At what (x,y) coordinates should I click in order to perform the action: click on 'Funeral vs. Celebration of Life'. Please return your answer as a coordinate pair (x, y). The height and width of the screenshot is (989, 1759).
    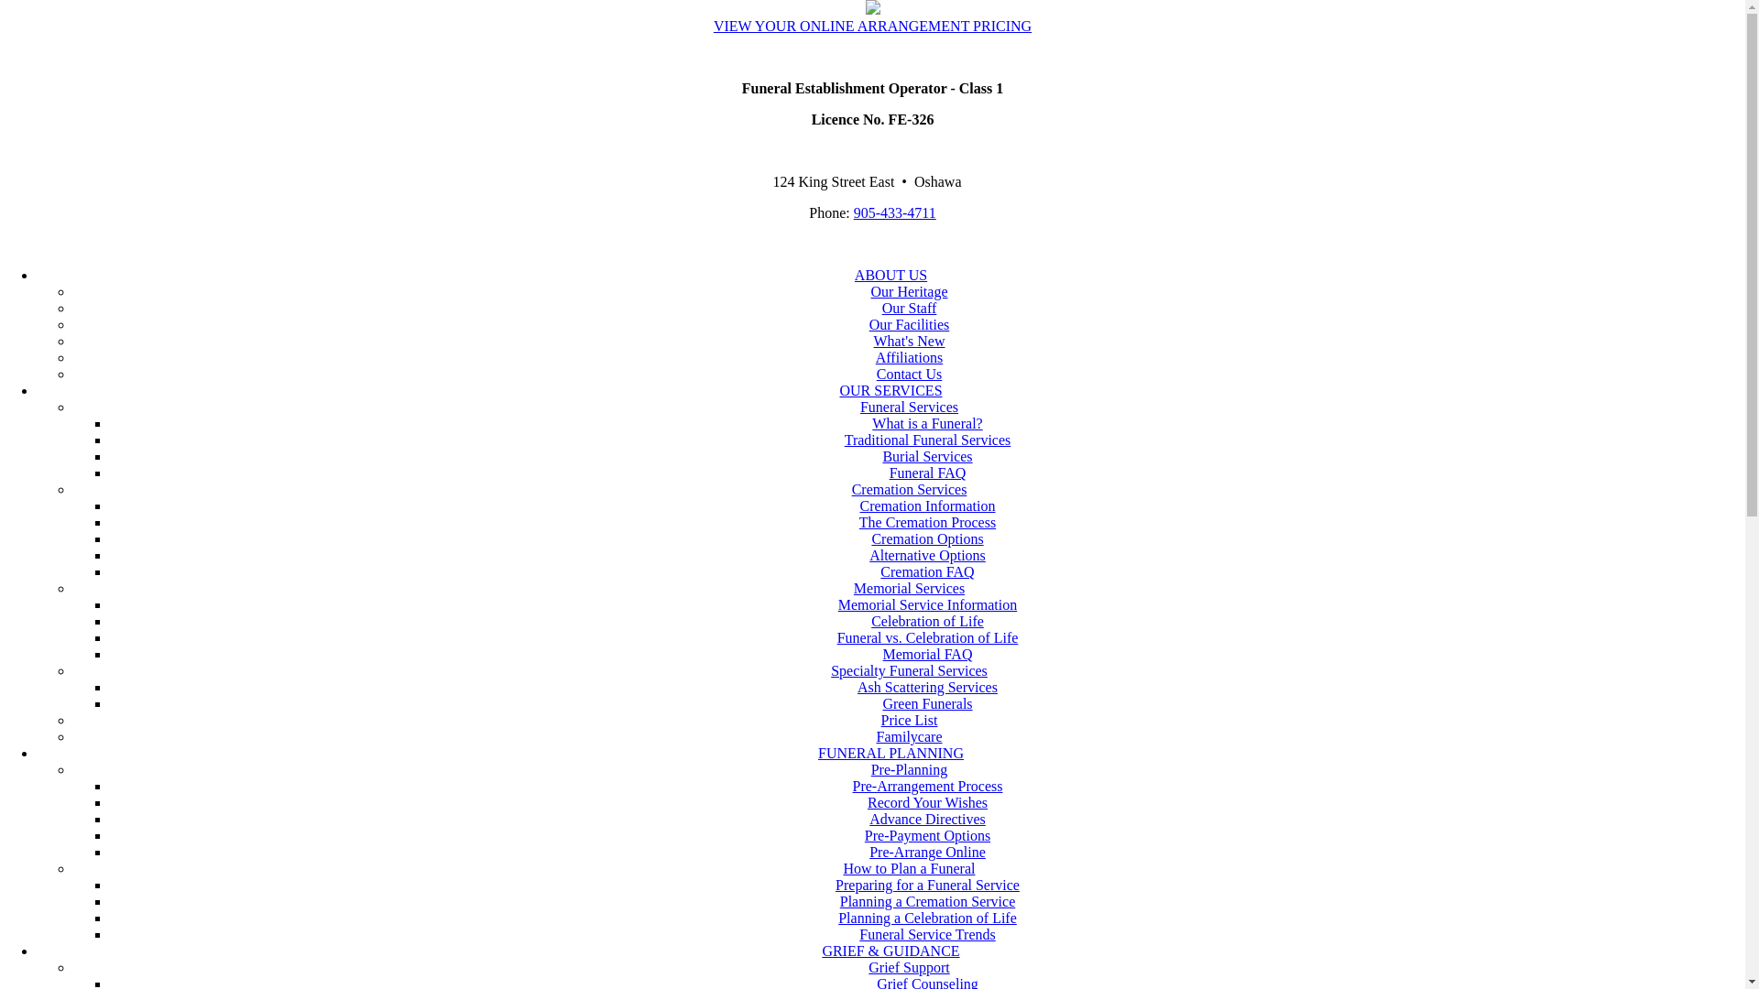
    Looking at the image, I should click on (927, 636).